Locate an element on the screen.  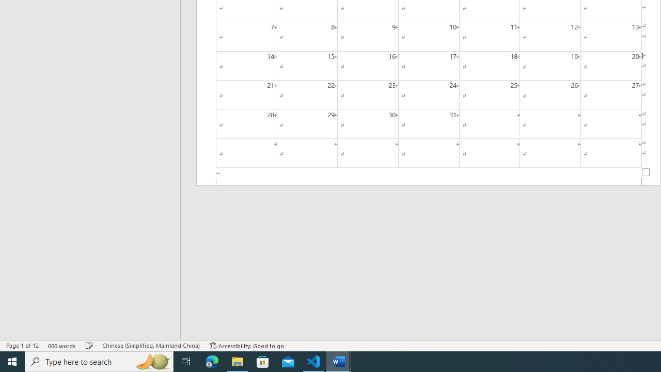
'Word Count 666 words' is located at coordinates (61, 346).